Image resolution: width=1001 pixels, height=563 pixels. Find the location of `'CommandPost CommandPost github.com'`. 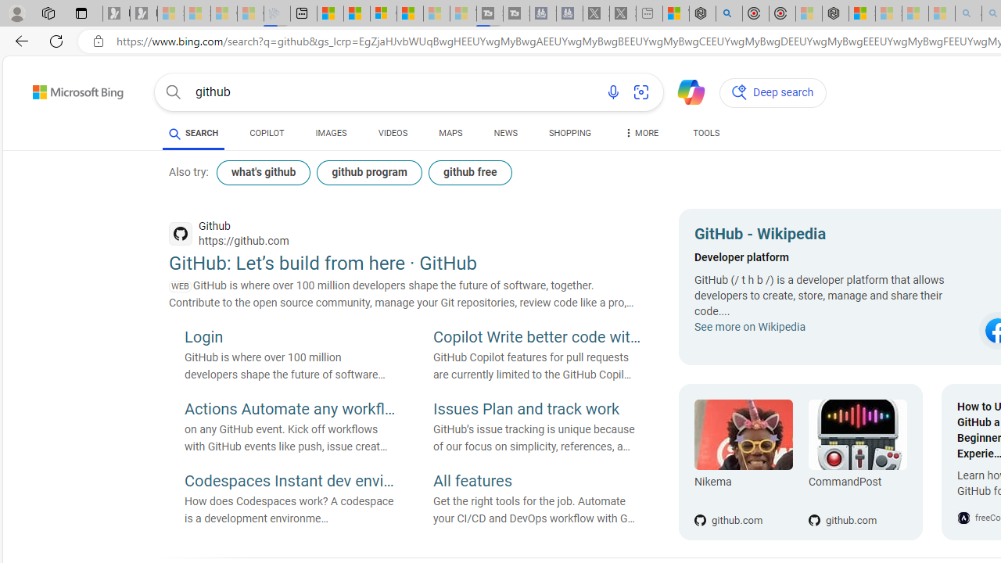

'CommandPost CommandPost github.com' is located at coordinates (849, 461).